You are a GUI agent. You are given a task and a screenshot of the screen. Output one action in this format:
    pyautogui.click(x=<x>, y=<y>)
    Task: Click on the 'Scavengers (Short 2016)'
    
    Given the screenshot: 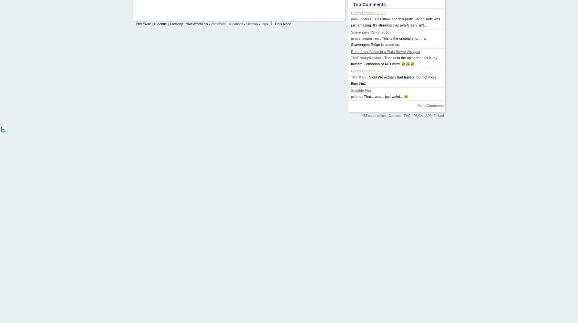 What is the action you would take?
    pyautogui.click(x=370, y=32)
    